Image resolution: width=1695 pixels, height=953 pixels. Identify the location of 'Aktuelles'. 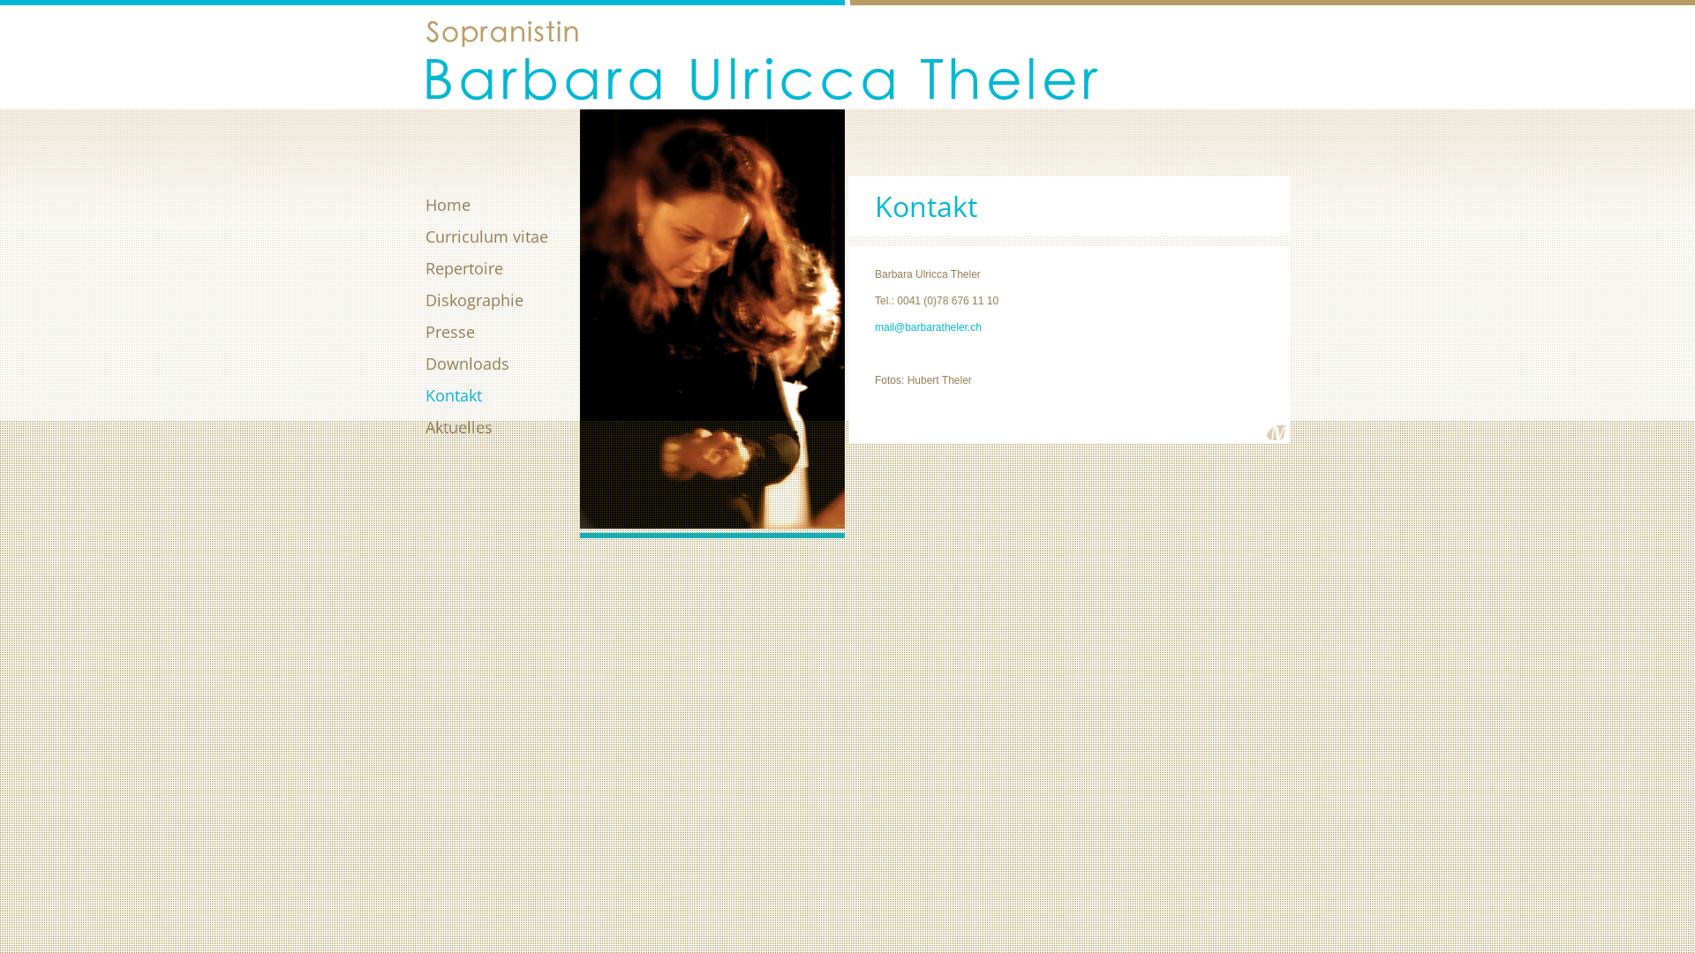
(501, 426).